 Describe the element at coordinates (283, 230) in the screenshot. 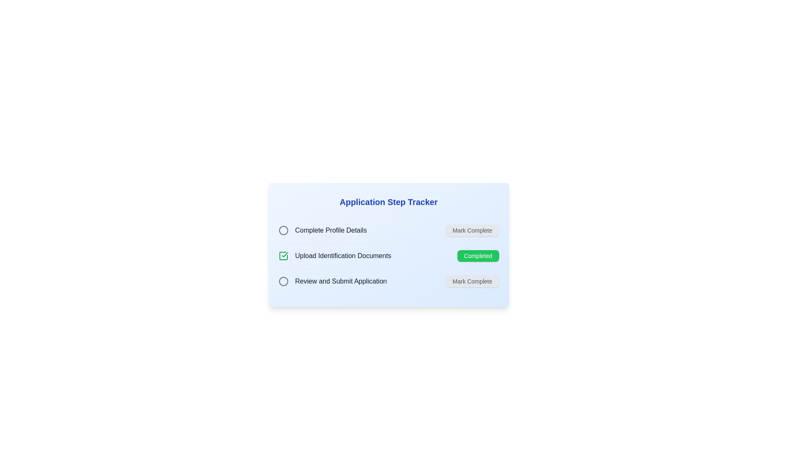

I see `the Circle Indicator icon that indicates the status of the 'Complete Profile Details' step` at that location.